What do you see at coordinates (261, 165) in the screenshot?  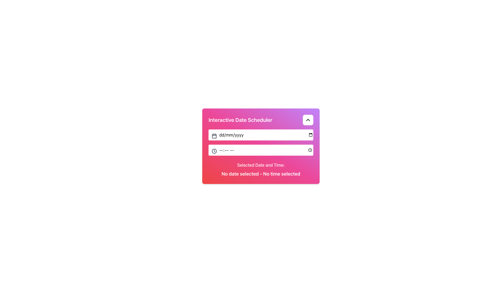 I see `the Text Label that reads 'Selected Date and Time:' which is styled in medium font weight and appears in white color against a gradient background transitioning from red to pink` at bounding box center [261, 165].